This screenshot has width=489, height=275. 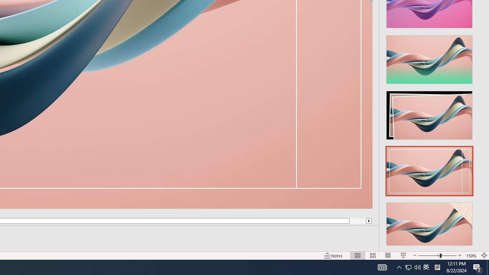 I want to click on 'Zoom 150%', so click(x=471, y=256).